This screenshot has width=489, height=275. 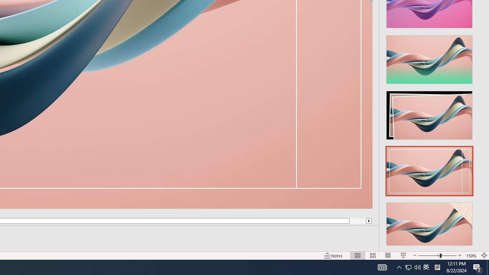 I want to click on 'Zoom 150%', so click(x=471, y=256).